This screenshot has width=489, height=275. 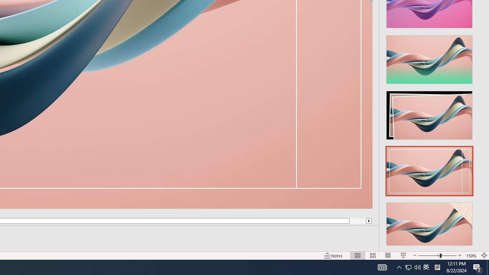 I want to click on 'Zoom 150%', so click(x=471, y=256).